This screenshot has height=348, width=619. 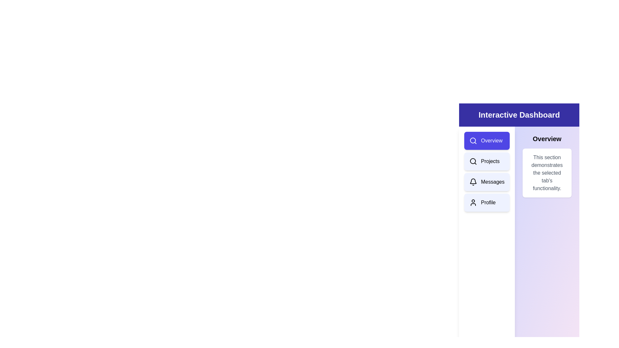 I want to click on the 'Profile' text label displayed in black text on a light blue background, located in the bottom section of the vertical navigation pane, so click(x=488, y=202).